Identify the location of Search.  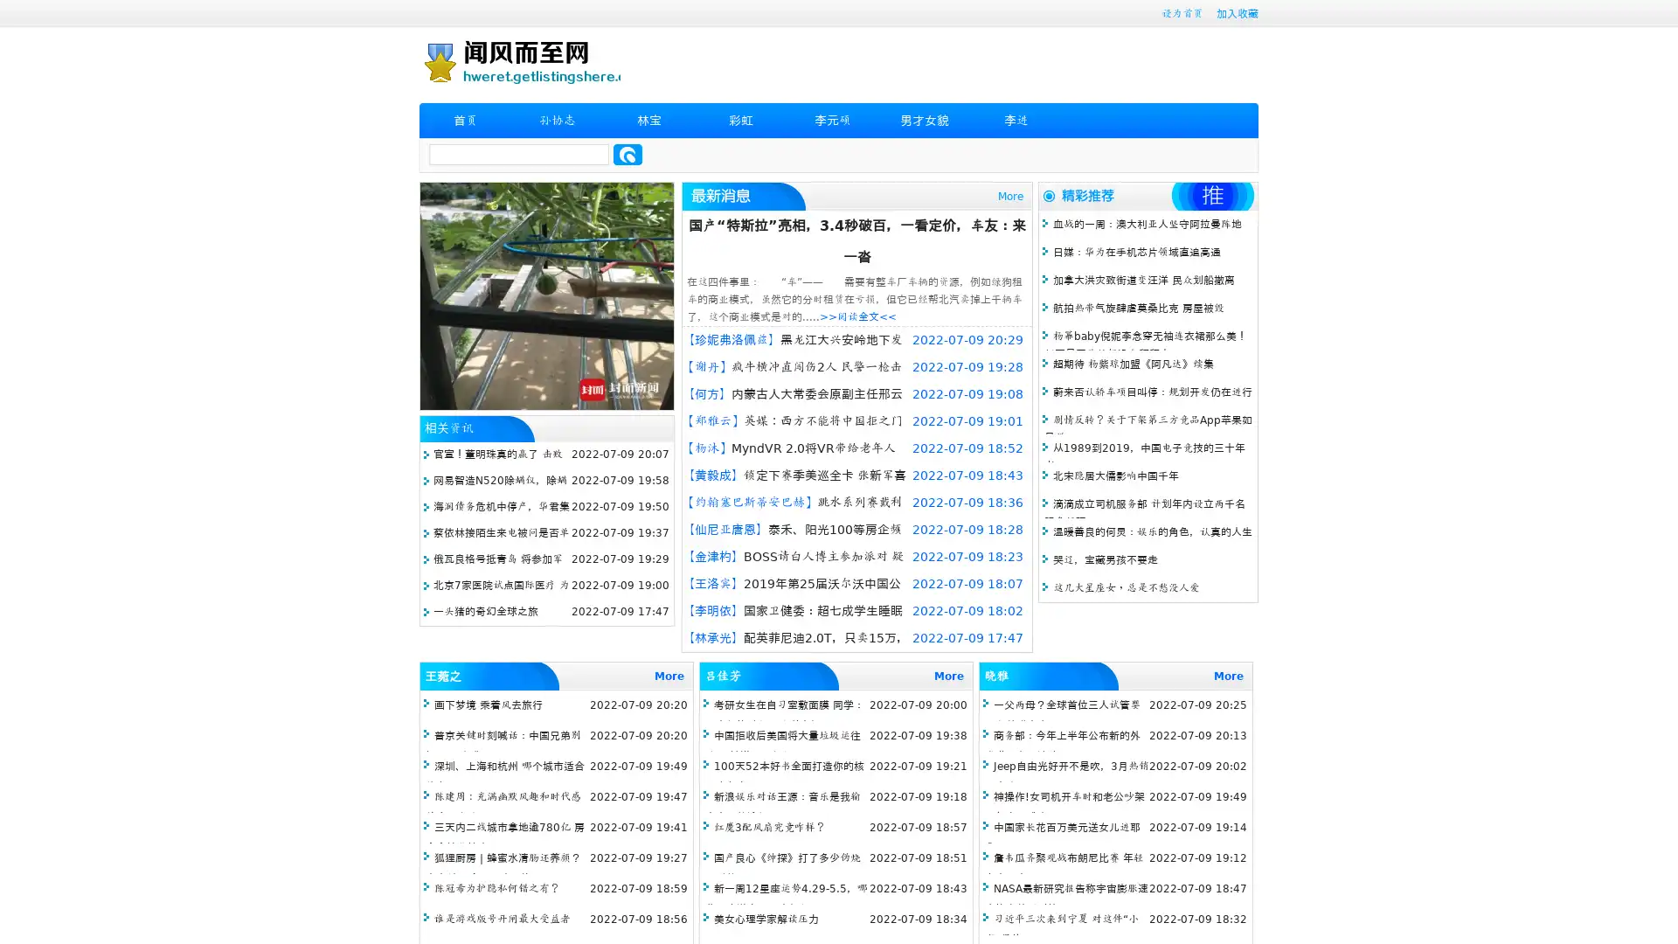
(628, 154).